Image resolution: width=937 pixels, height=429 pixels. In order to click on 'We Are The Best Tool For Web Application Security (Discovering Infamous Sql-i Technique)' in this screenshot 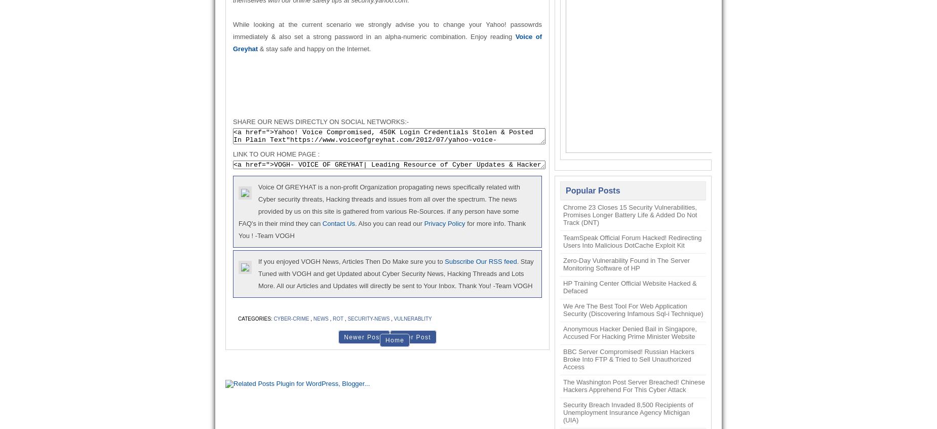, I will do `click(633, 309)`.